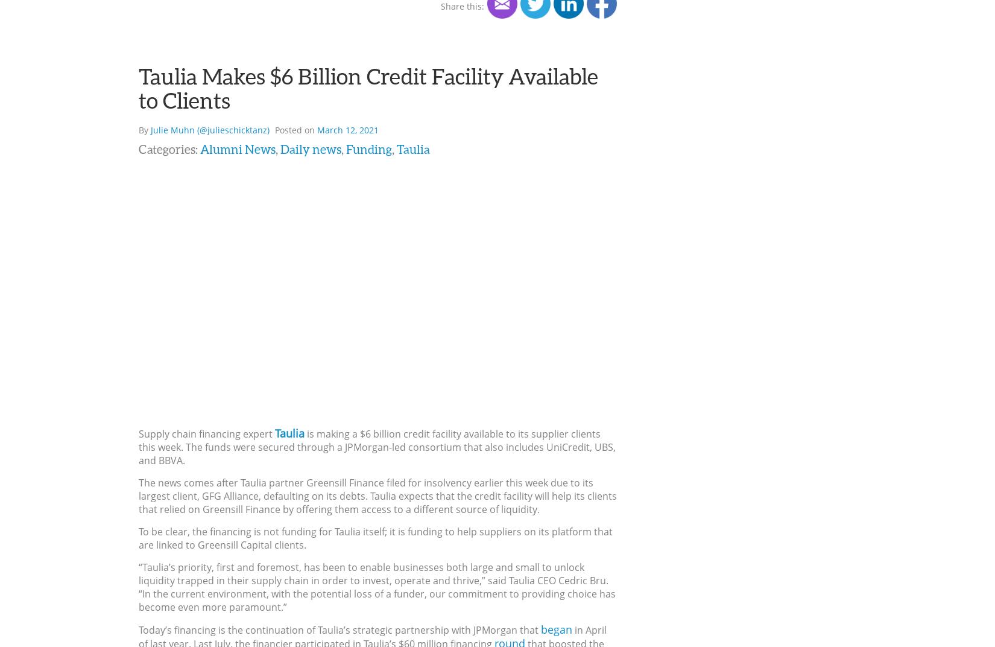 The image size is (995, 647). I want to click on 'Today’s financing is the continuation of Taulia’s strategic partnership with JPMorgan that', so click(339, 629).